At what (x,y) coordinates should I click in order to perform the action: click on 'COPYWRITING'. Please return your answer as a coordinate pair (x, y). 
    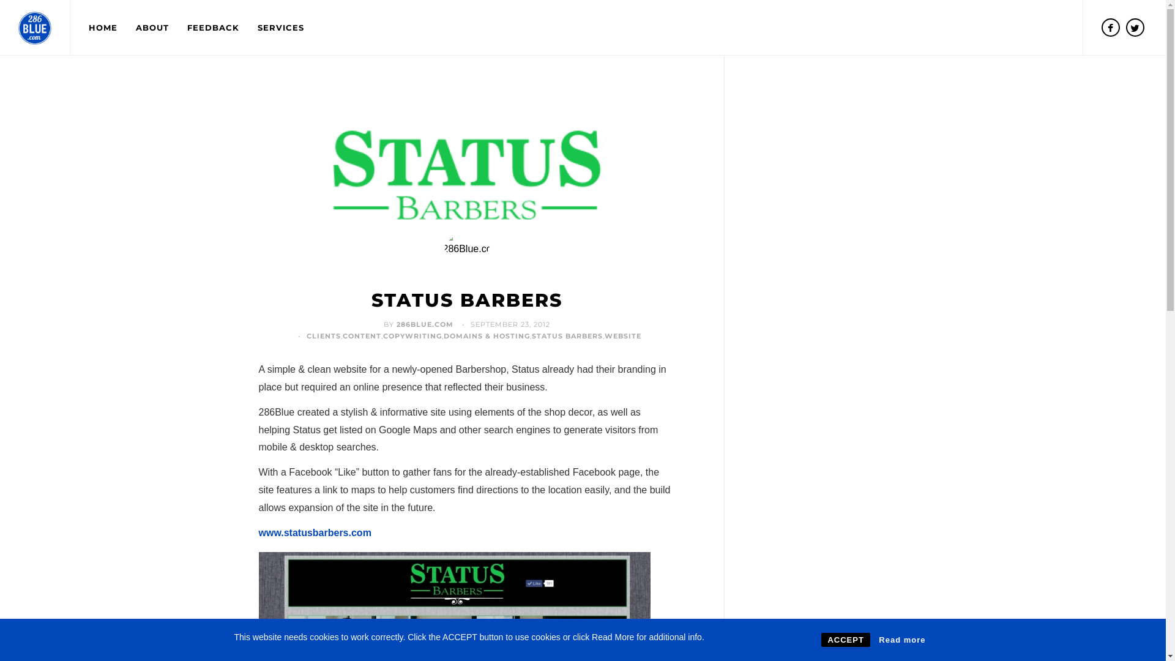
    Looking at the image, I should click on (412, 335).